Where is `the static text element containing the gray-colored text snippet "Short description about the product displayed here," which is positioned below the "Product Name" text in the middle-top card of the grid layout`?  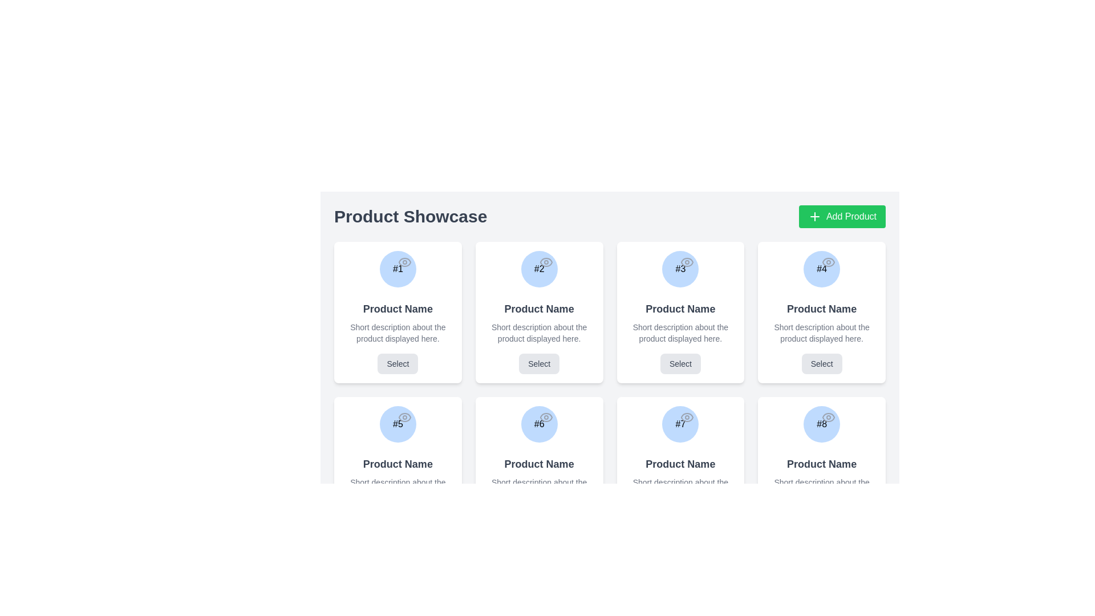
the static text element containing the gray-colored text snippet "Short description about the product displayed here," which is positioned below the "Product Name" text in the middle-top card of the grid layout is located at coordinates (538, 333).